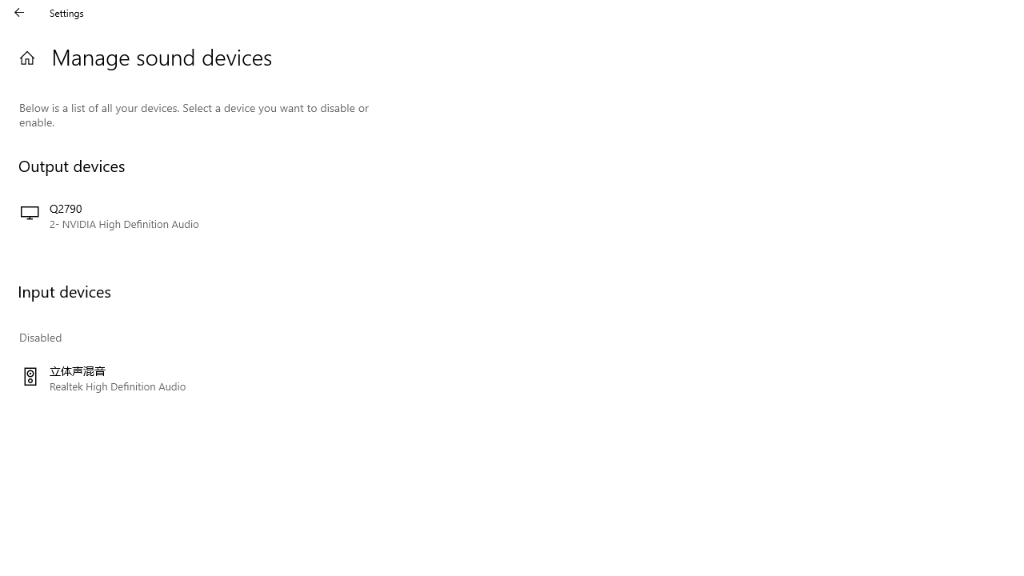 The image size is (1024, 576). I want to click on 'Back', so click(19, 12).